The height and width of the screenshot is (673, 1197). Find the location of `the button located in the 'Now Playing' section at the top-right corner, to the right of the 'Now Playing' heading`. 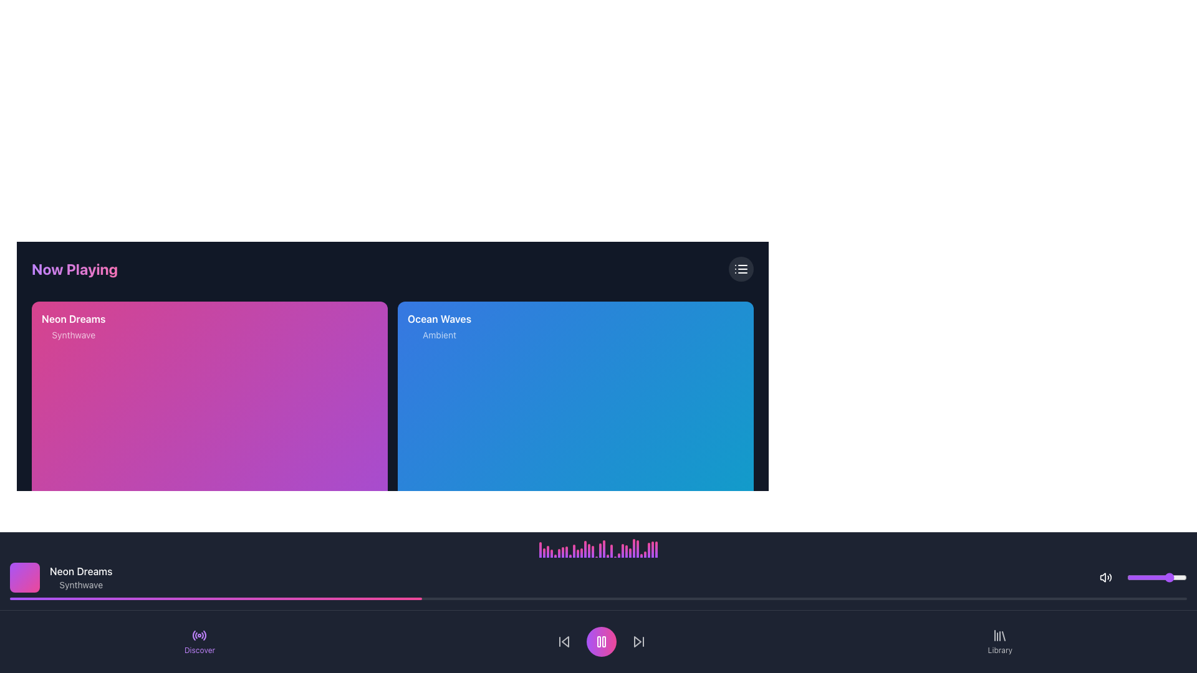

the button located in the 'Now Playing' section at the top-right corner, to the right of the 'Now Playing' heading is located at coordinates (741, 269).